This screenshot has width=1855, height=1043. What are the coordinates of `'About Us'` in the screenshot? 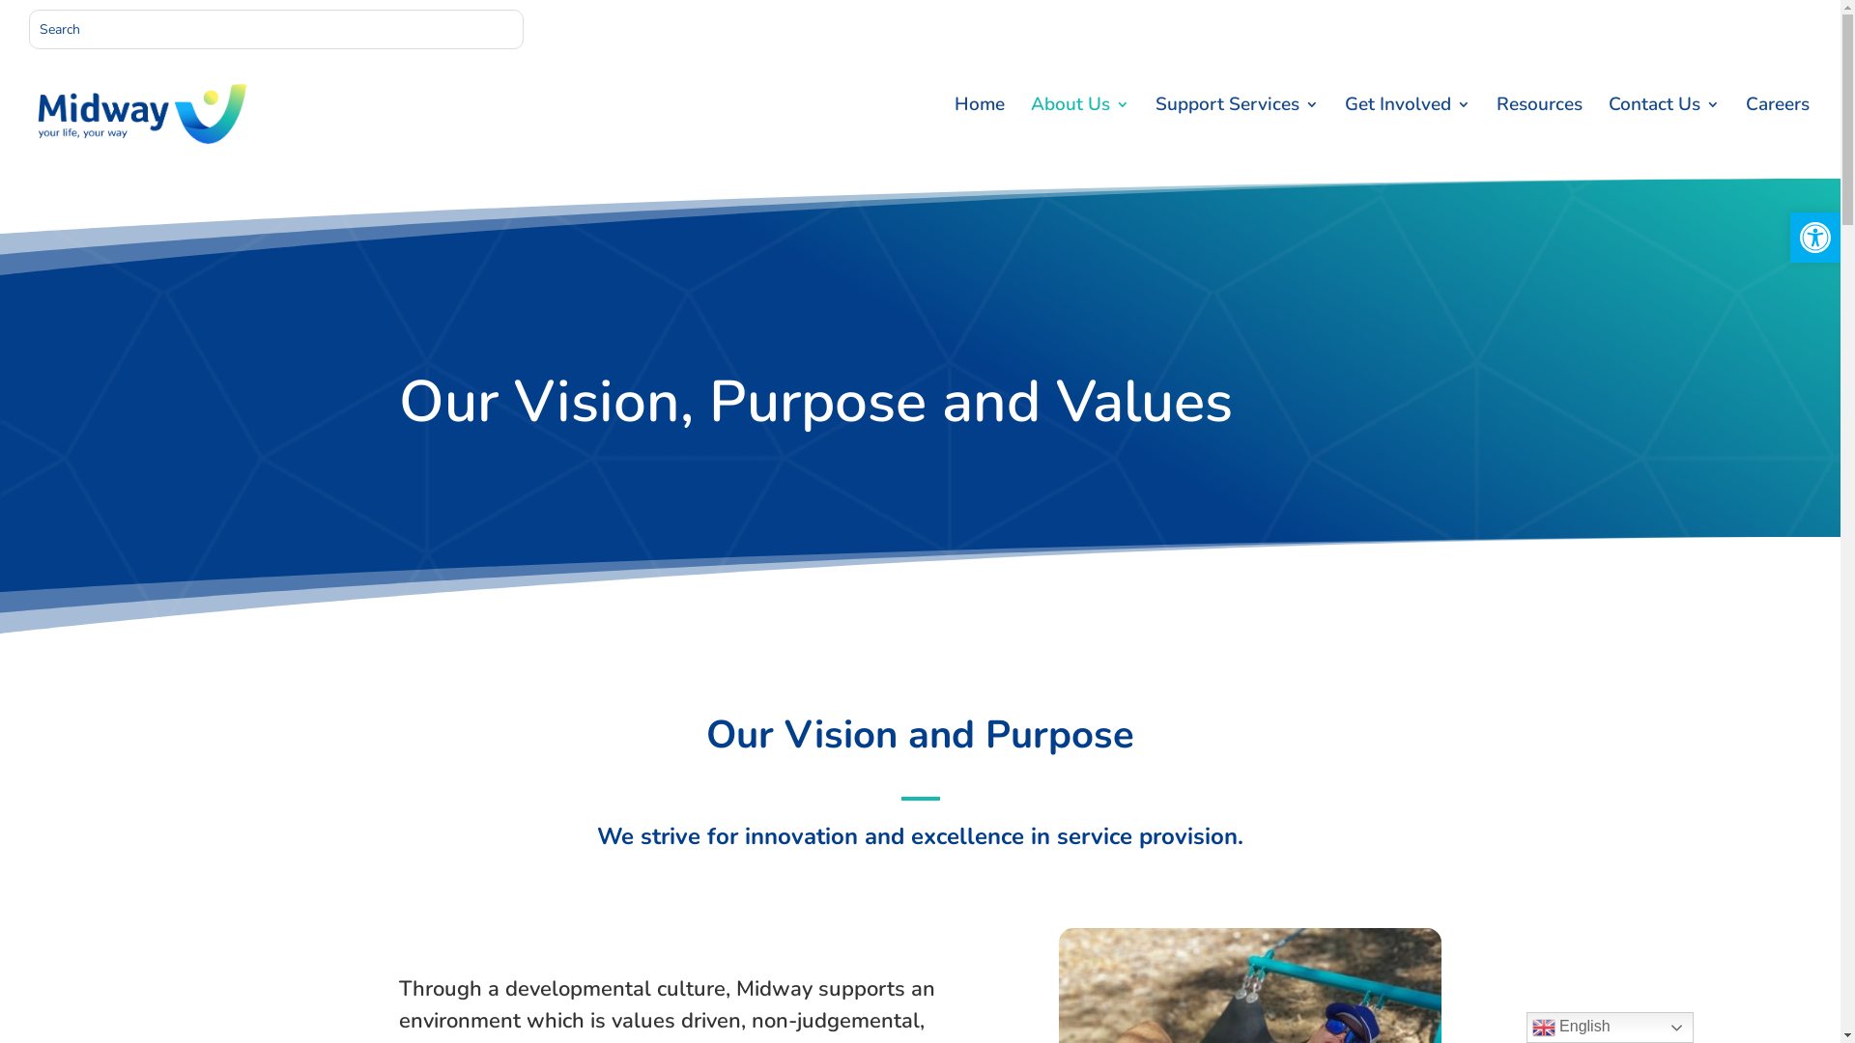 It's located at (1079, 136).